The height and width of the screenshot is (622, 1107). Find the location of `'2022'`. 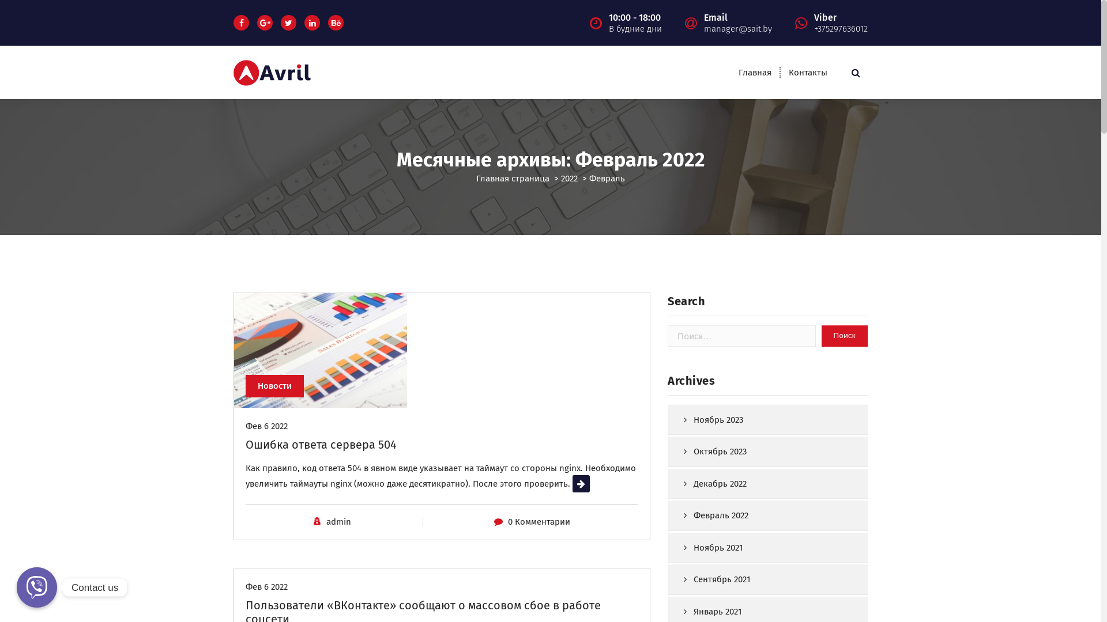

'2022' is located at coordinates (561, 178).